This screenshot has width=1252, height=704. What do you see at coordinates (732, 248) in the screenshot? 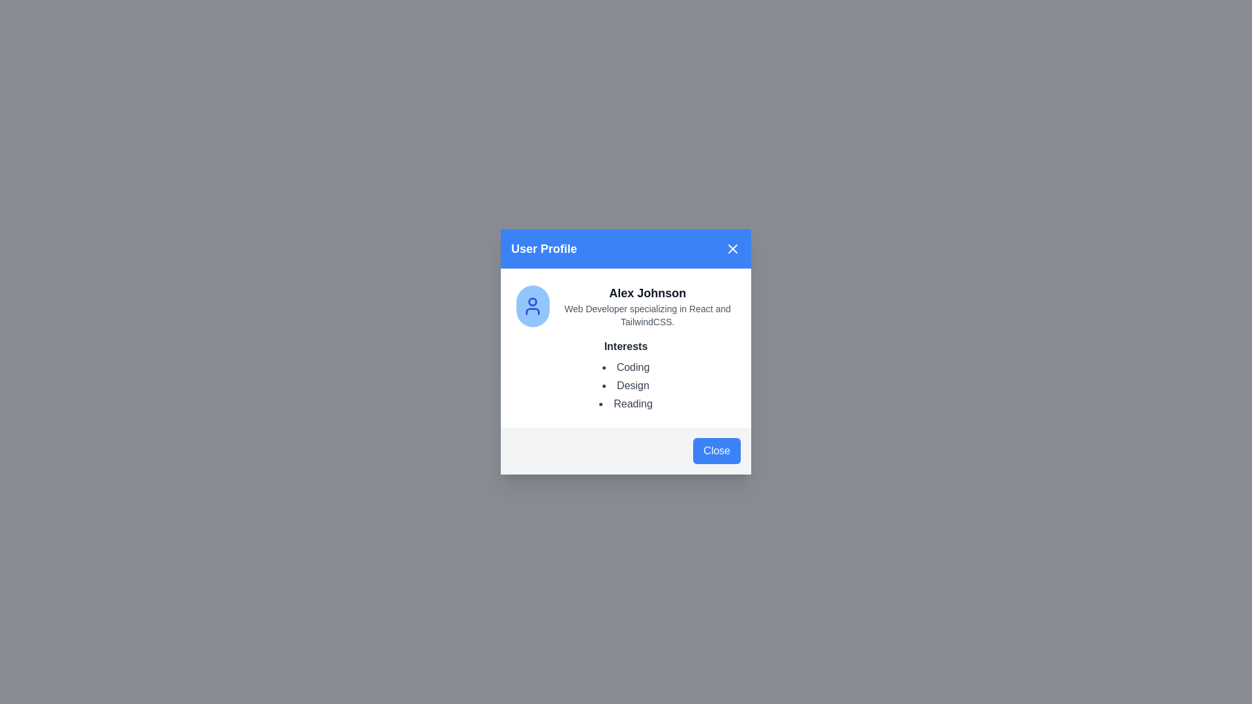
I see `the close button represented by an 'X' icon in the top-right corner of the user profile modal to change its color to blue` at bounding box center [732, 248].